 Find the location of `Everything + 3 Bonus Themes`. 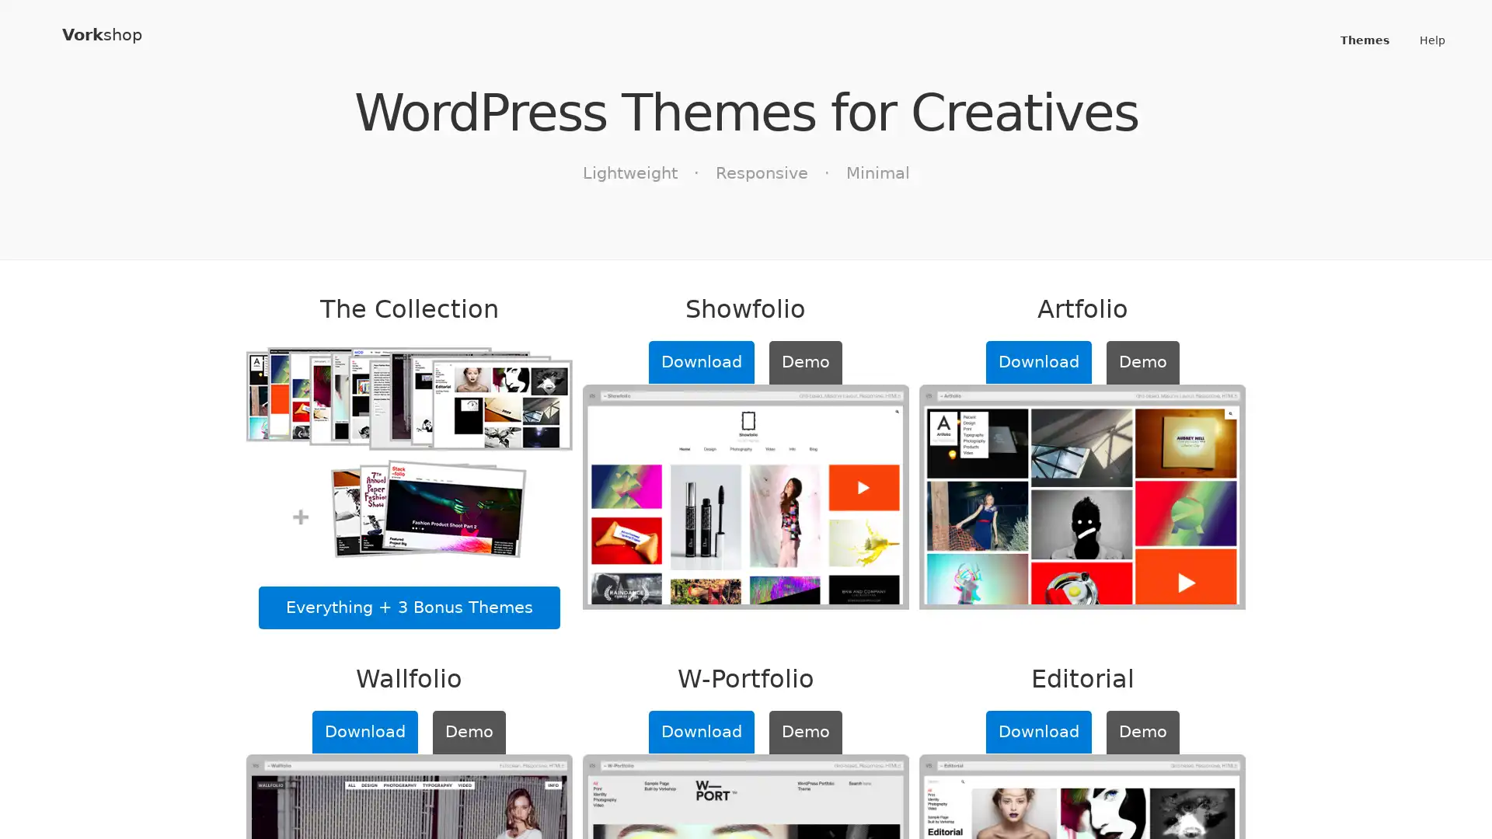

Everything + 3 Bonus Themes is located at coordinates (409, 607).